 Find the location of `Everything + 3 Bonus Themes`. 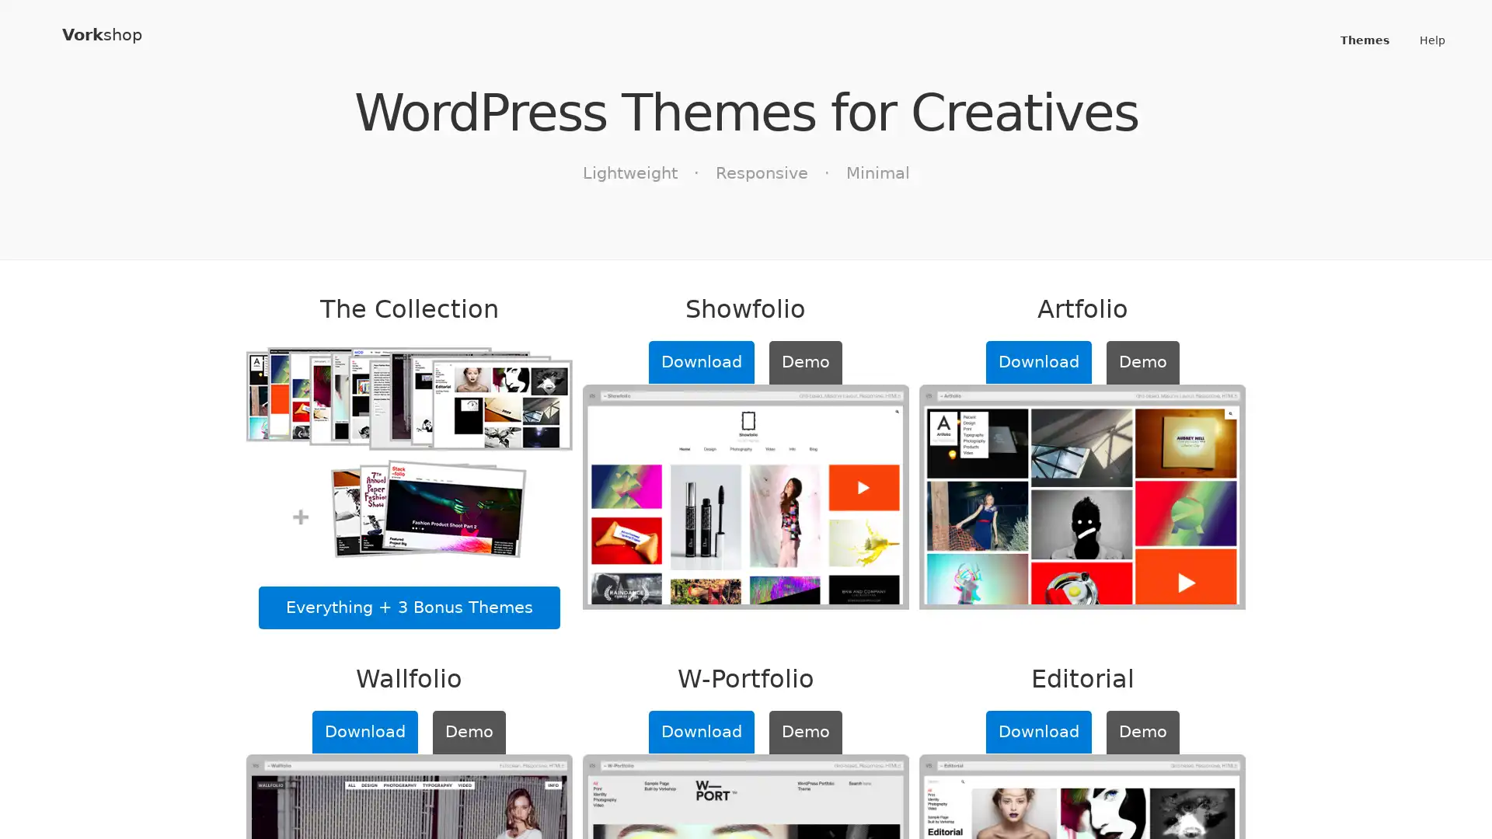

Everything + 3 Bonus Themes is located at coordinates (409, 607).